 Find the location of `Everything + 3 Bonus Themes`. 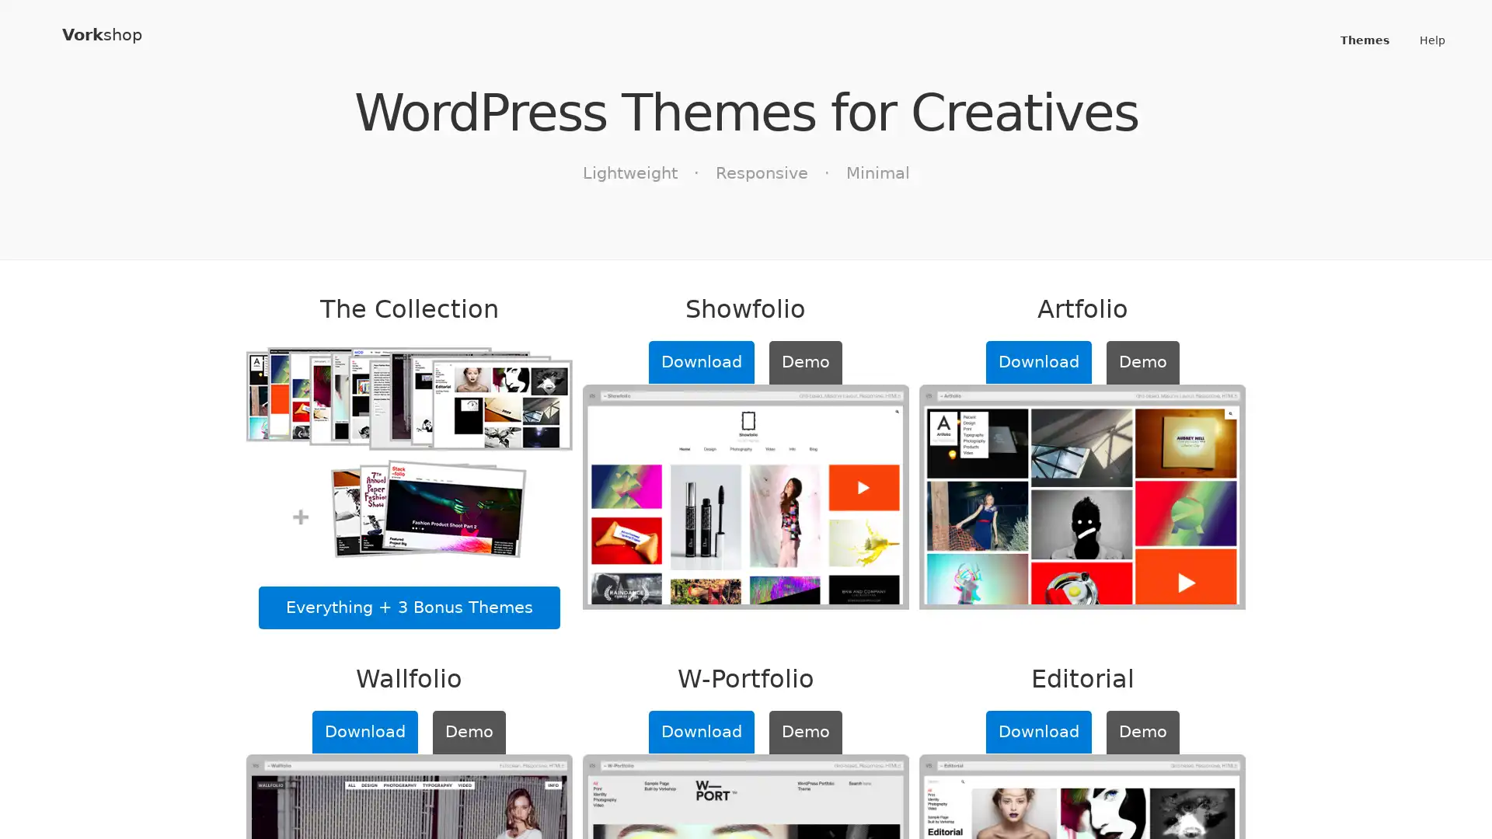

Everything + 3 Bonus Themes is located at coordinates (409, 607).